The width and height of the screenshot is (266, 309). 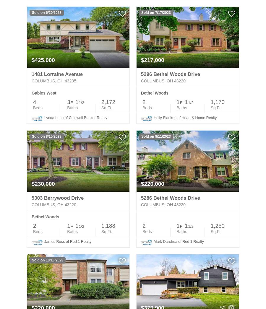 What do you see at coordinates (67, 241) in the screenshot?
I see `'James Ross of Red 1 Realty'` at bounding box center [67, 241].